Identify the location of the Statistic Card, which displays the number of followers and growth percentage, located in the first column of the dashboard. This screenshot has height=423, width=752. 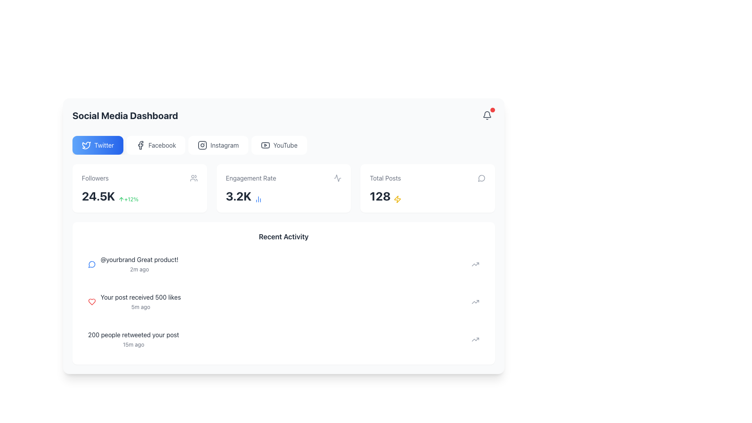
(139, 188).